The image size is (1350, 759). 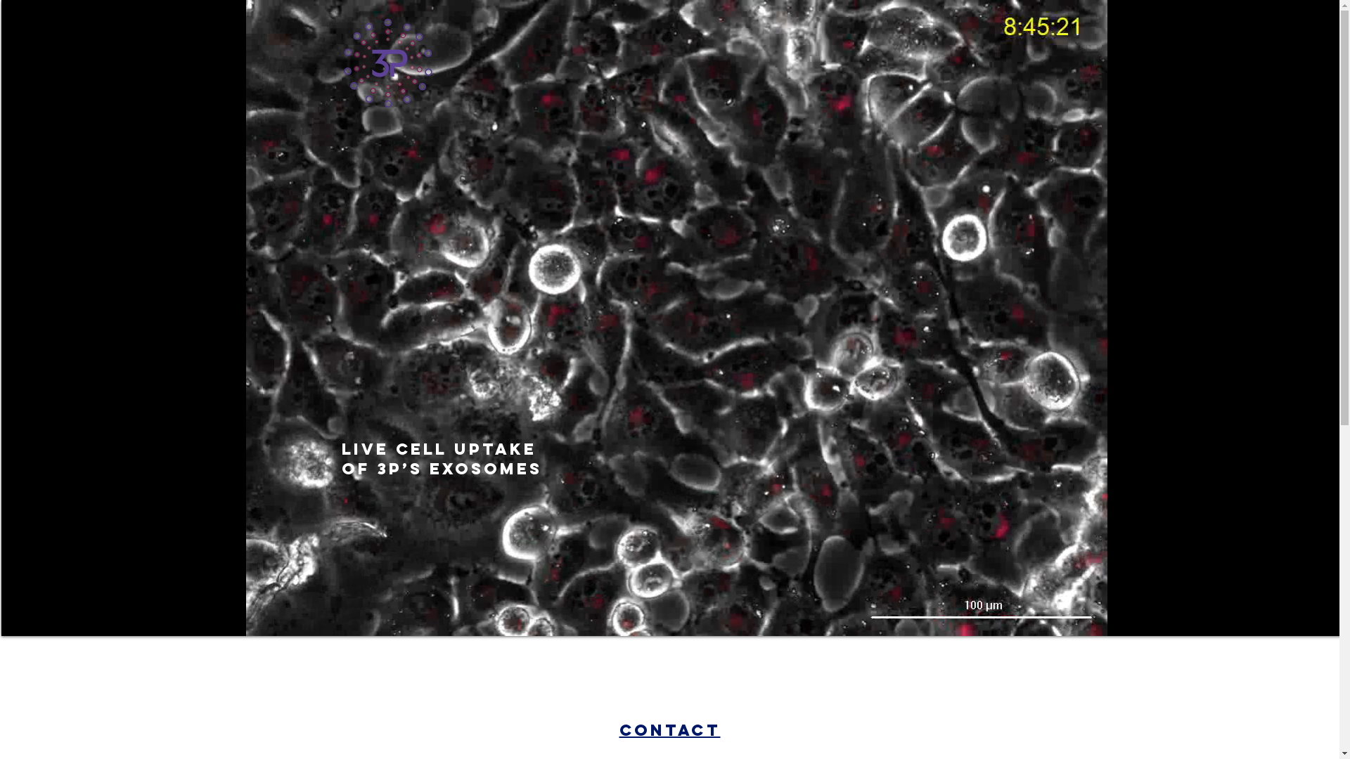 What do you see at coordinates (618, 729) in the screenshot?
I see `'Contact'` at bounding box center [618, 729].